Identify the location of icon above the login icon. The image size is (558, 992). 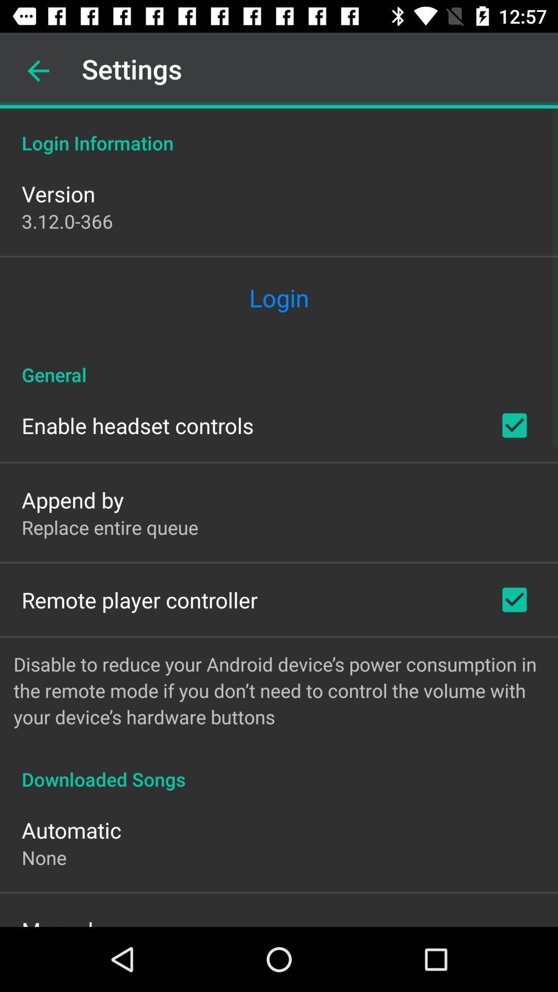
(67, 221).